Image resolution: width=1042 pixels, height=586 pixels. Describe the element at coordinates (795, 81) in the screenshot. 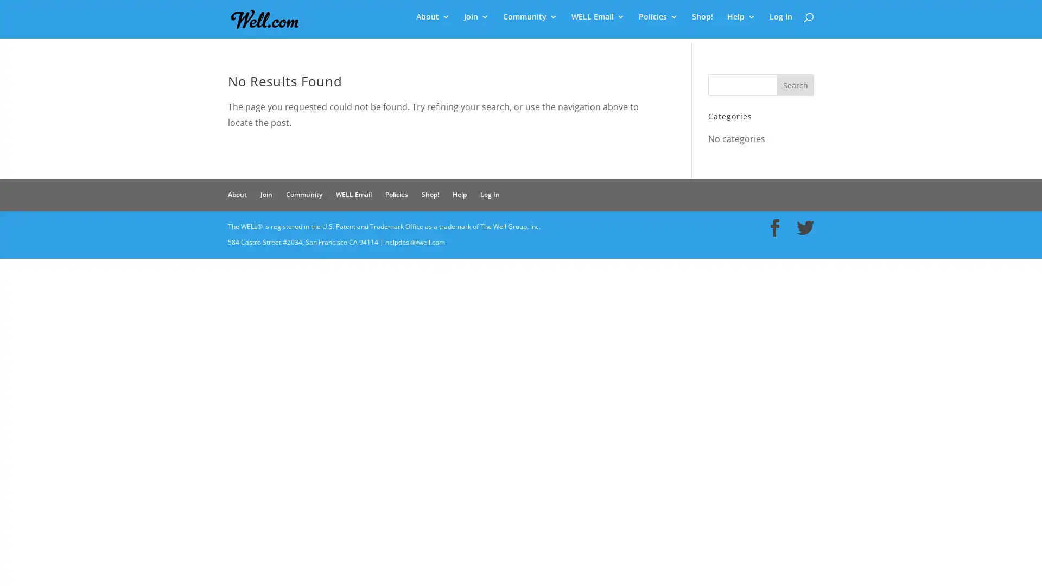

I see `Search` at that location.